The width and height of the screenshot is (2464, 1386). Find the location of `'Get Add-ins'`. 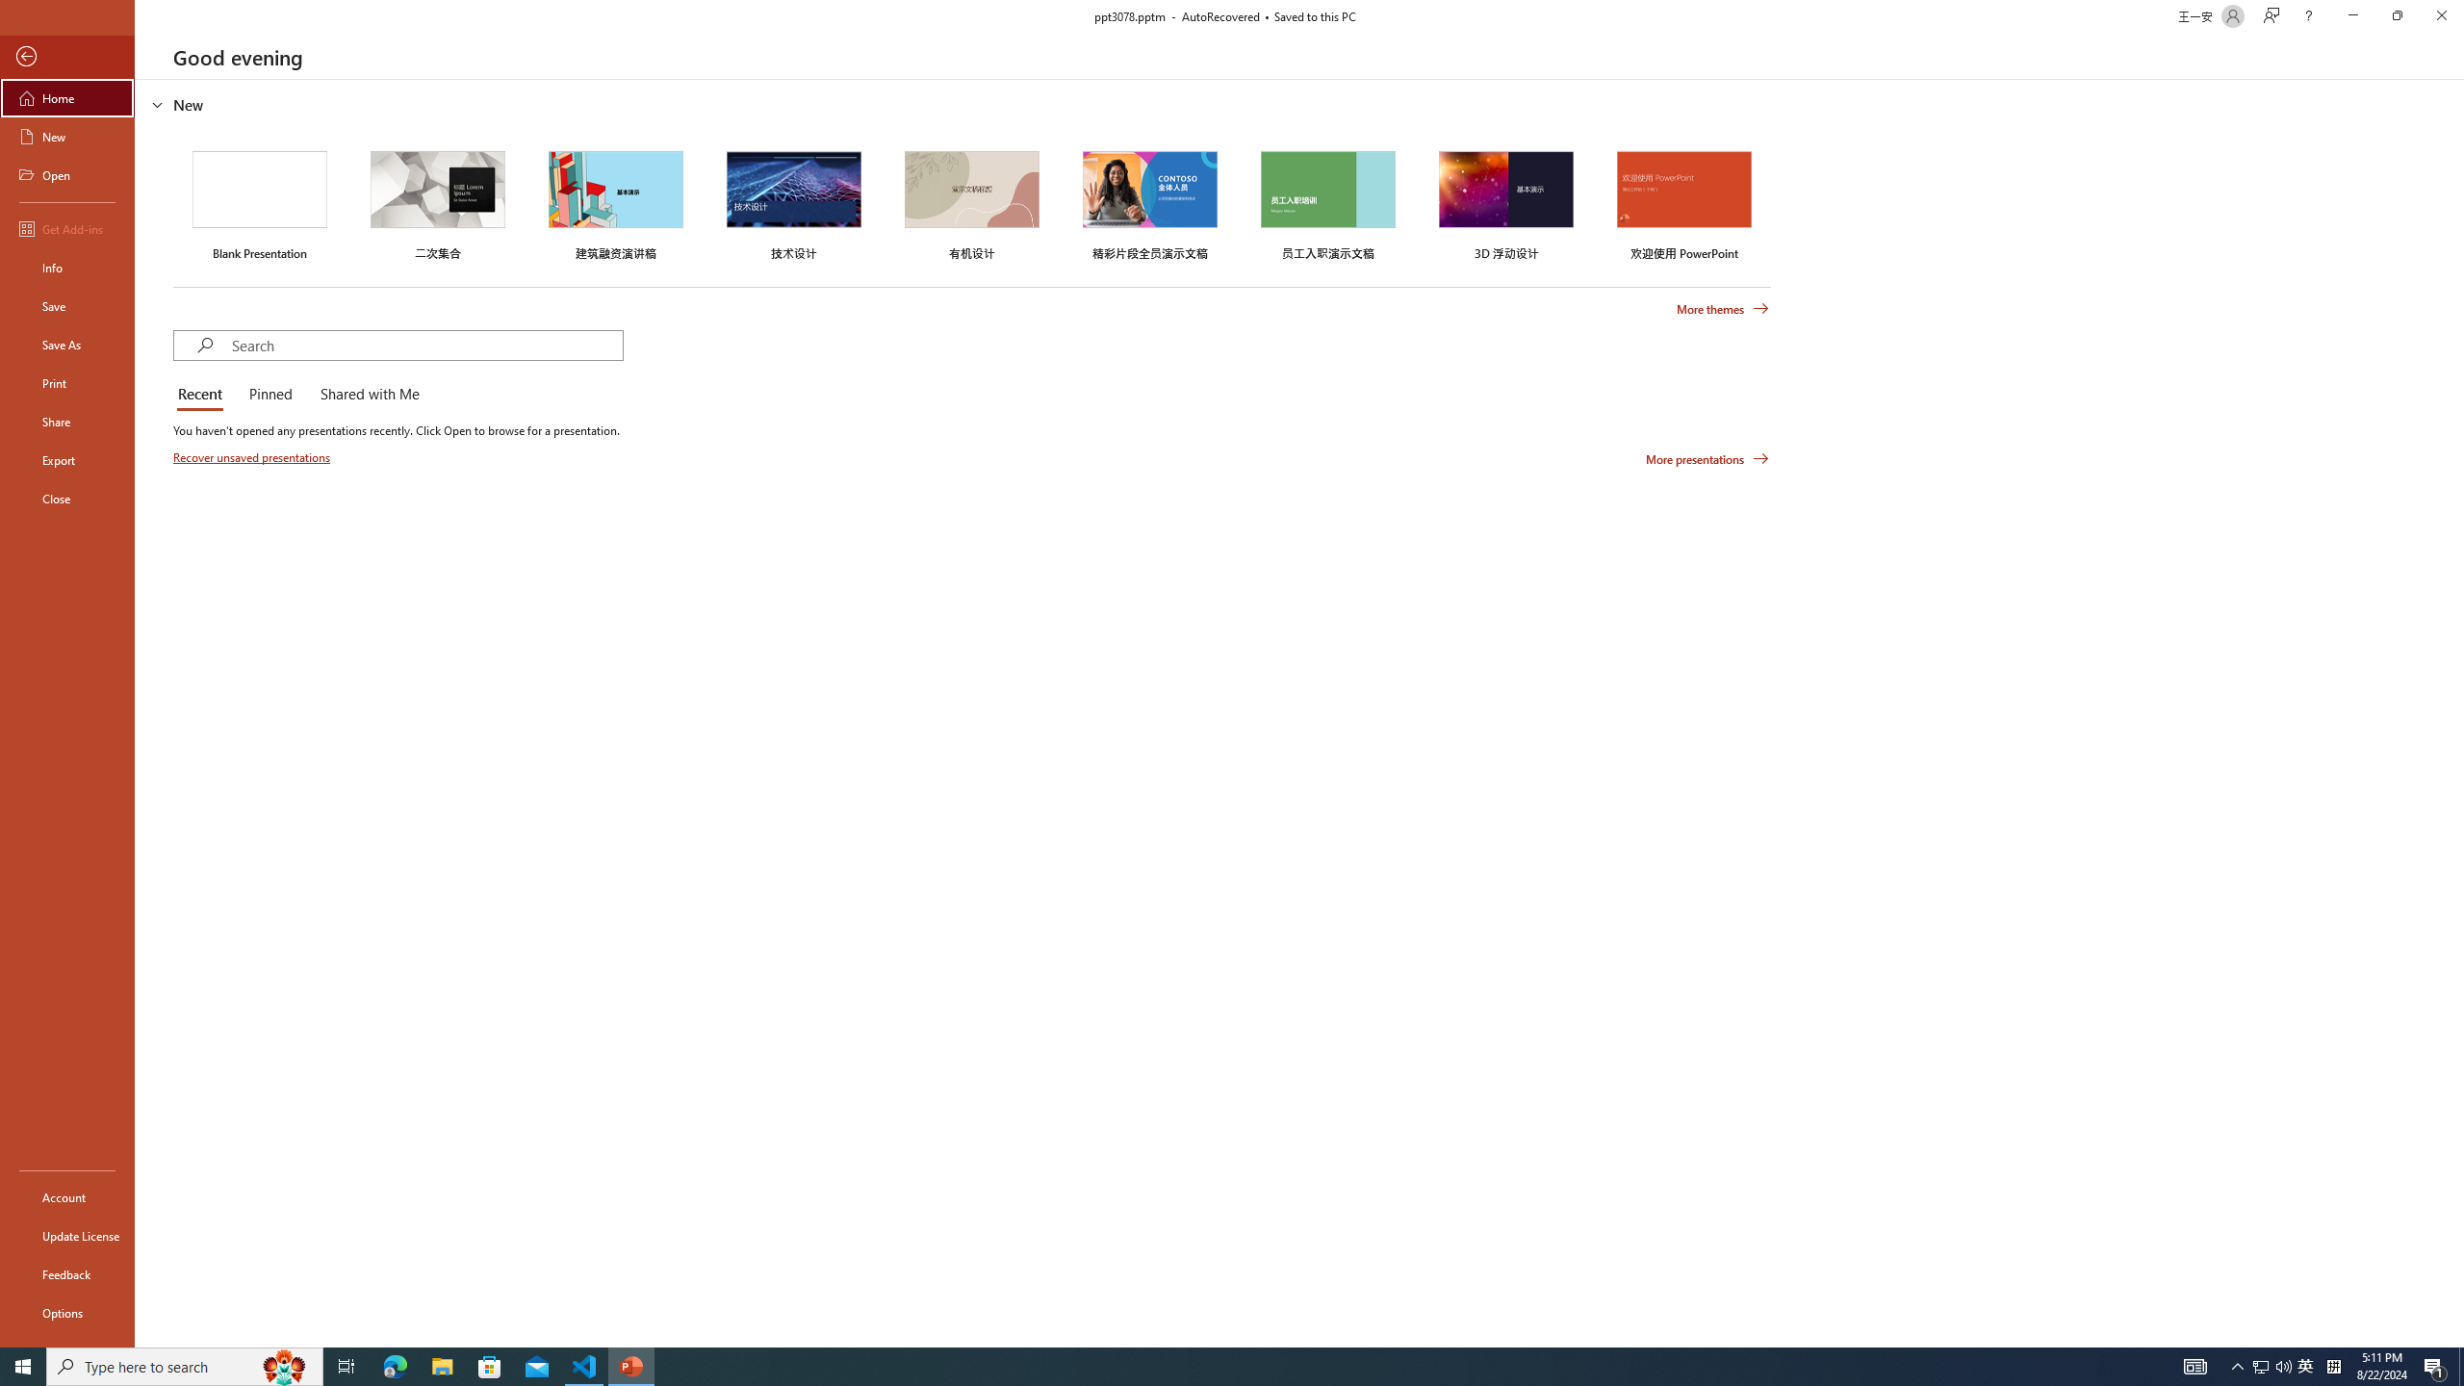

'Get Add-ins' is located at coordinates (66, 228).